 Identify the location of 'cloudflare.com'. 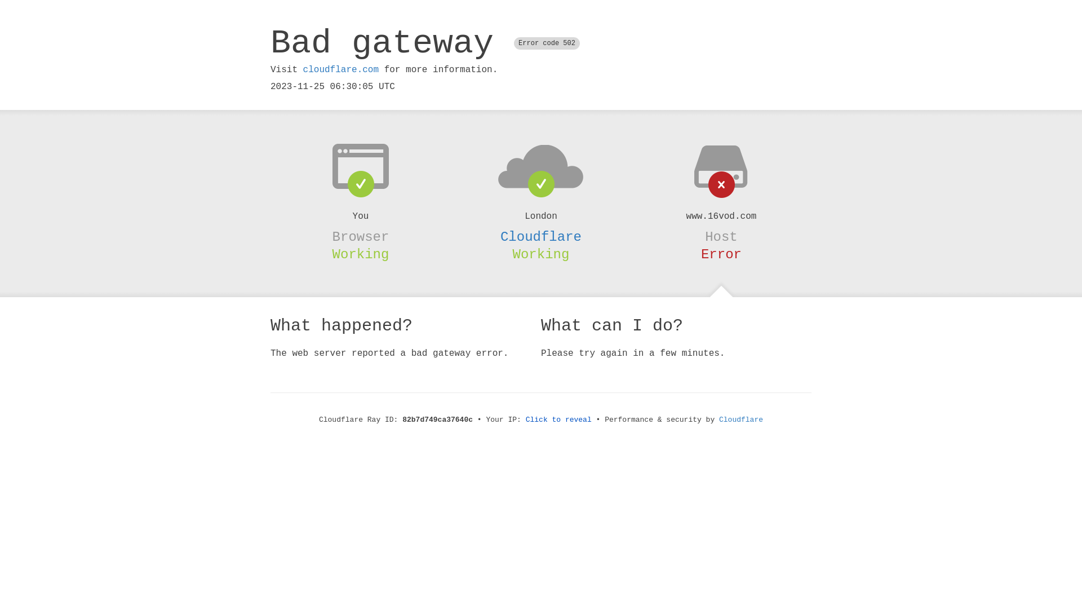
(340, 69).